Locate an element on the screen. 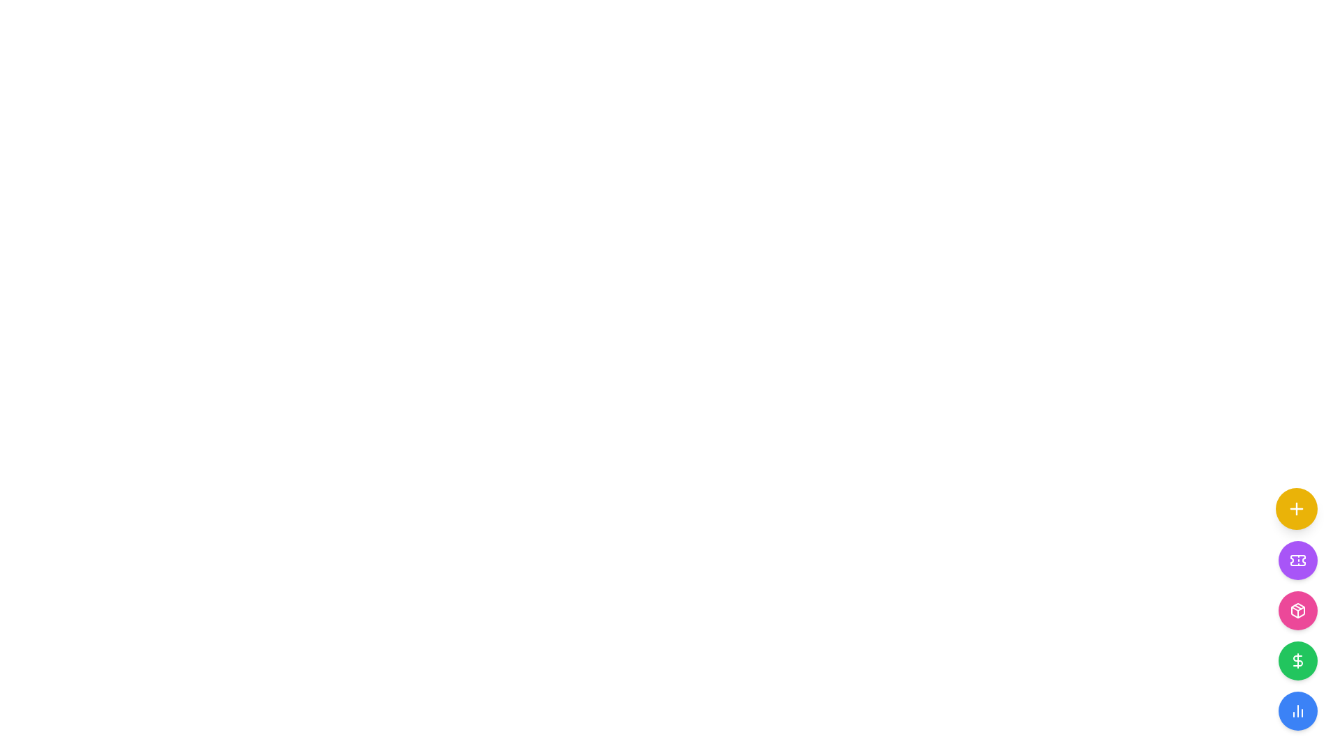 The height and width of the screenshot is (753, 1340). the fourth icon in the vertical sequence of circular icons on the right side of the interface, which has a dollar sign symbol is located at coordinates (1297, 660).